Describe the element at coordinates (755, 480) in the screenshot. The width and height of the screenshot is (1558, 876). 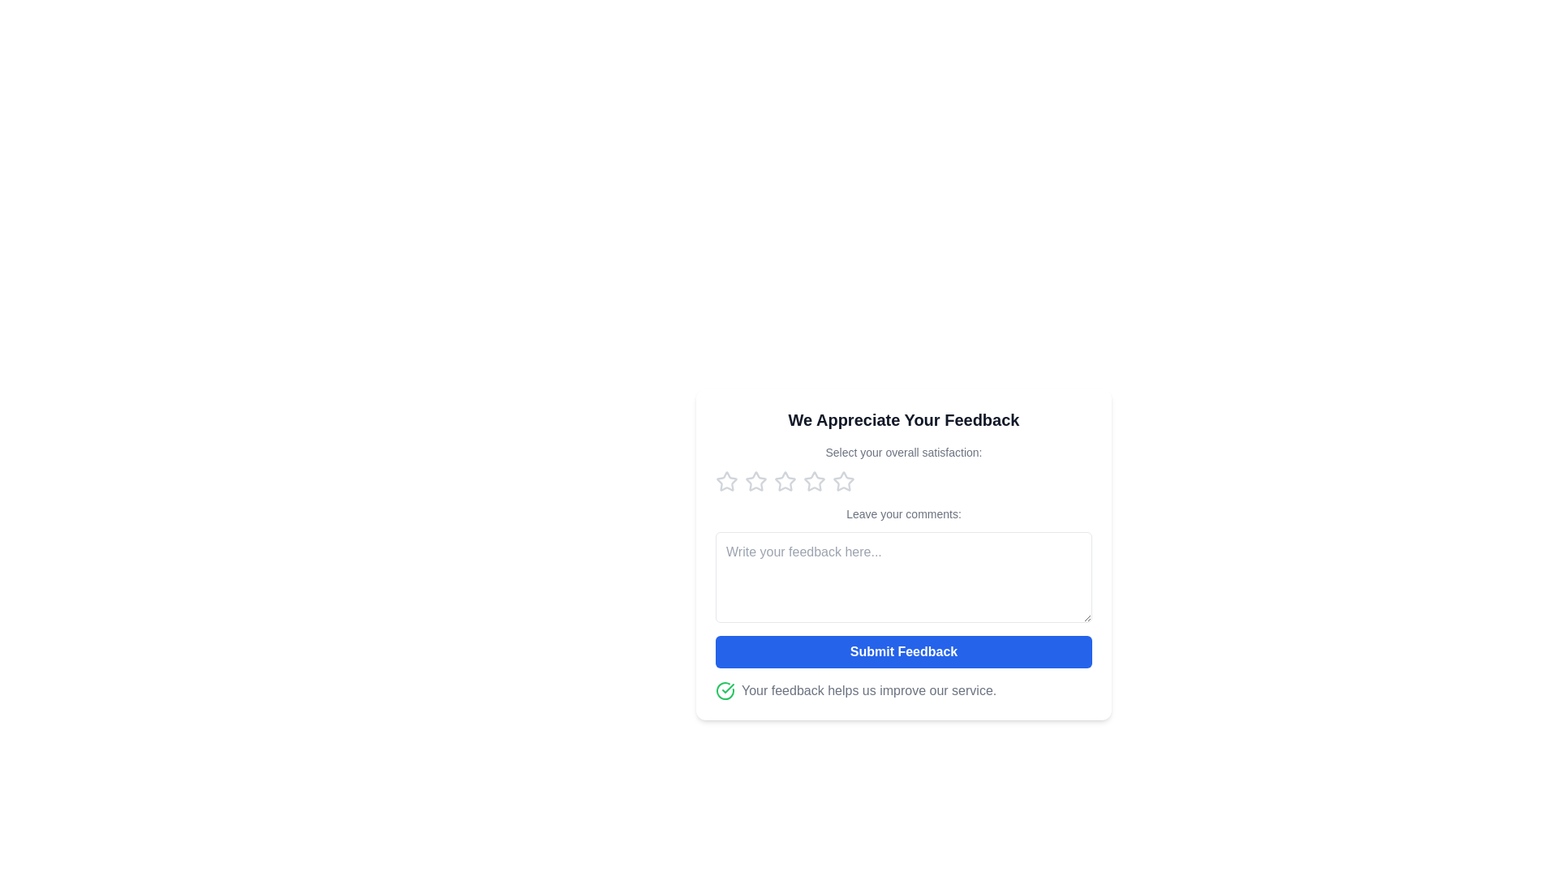
I see `the first star icon in the feedback system` at that location.